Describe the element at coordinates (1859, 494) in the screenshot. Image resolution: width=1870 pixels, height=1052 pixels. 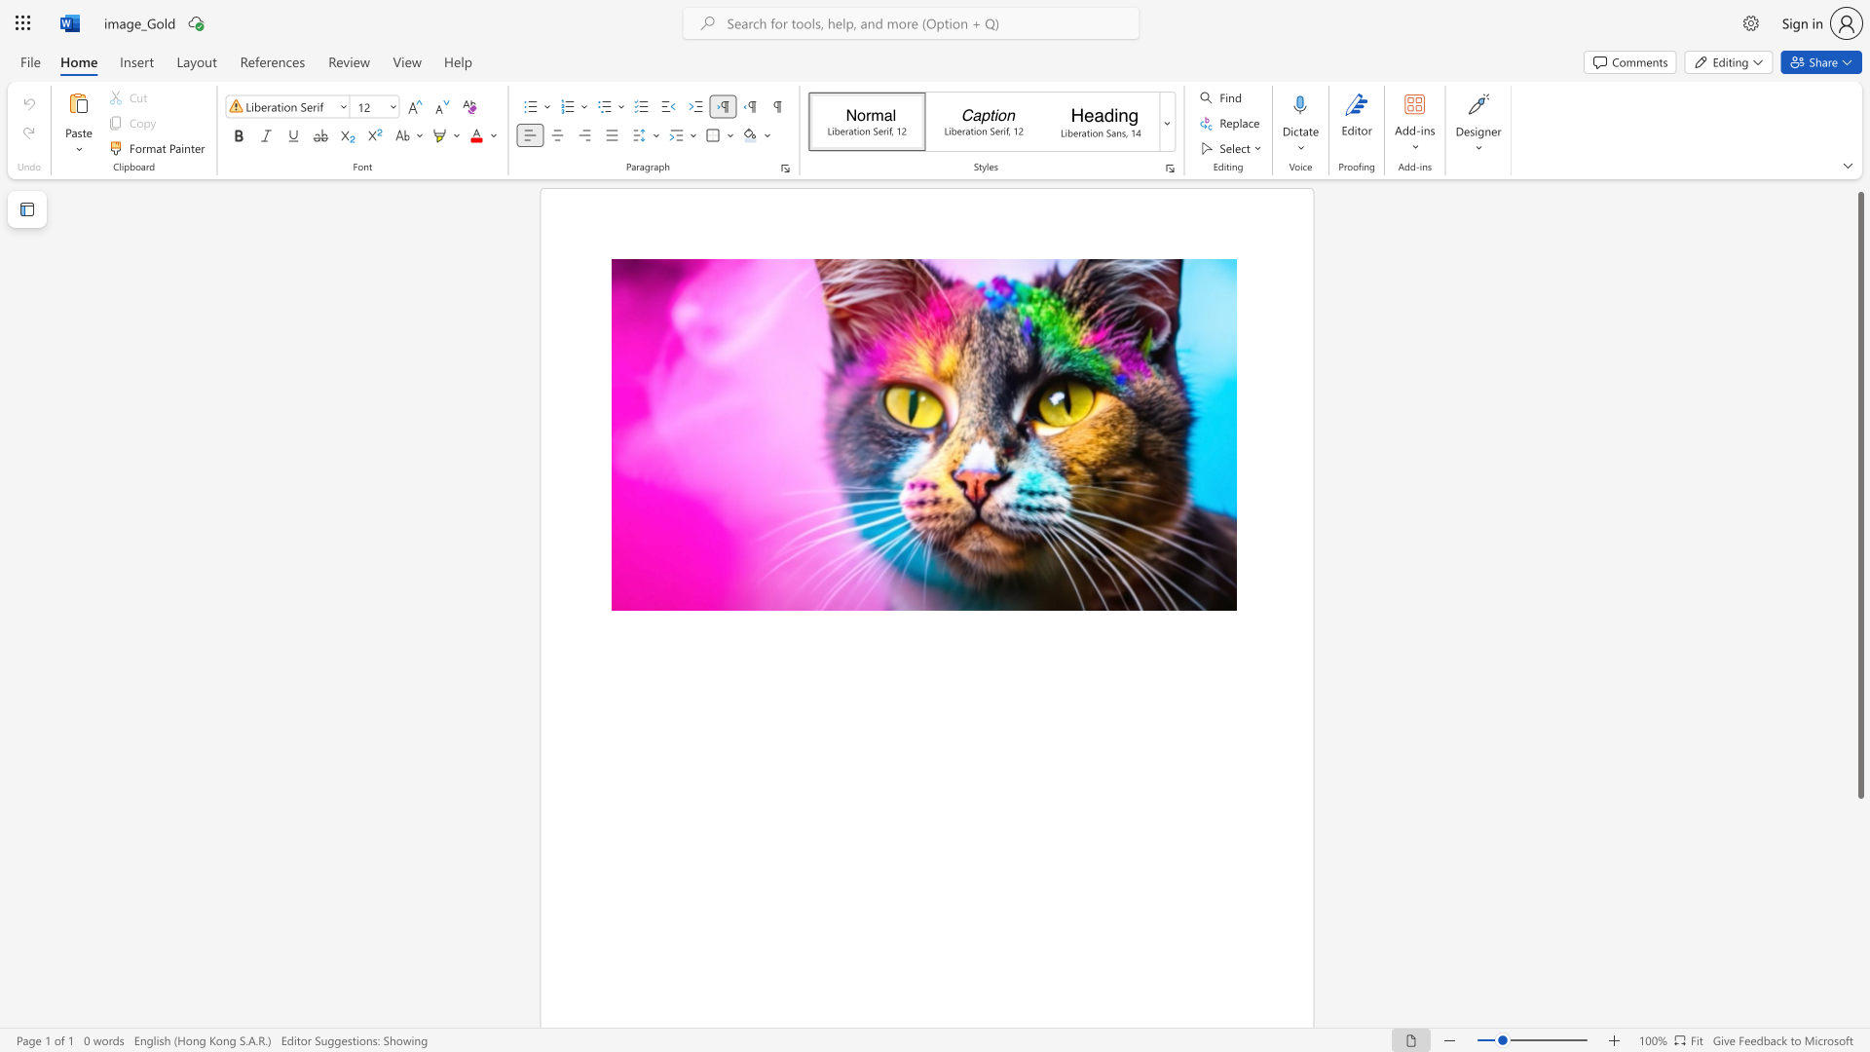
I see `the scrollbar and move down 130 pixels` at that location.